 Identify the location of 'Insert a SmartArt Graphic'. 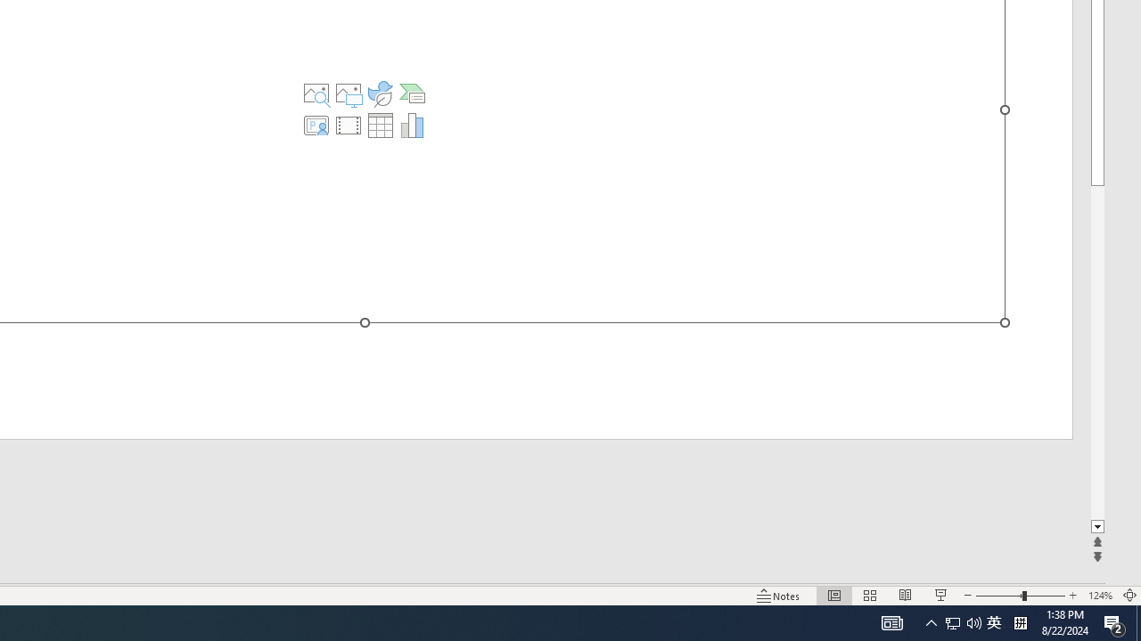
(411, 93).